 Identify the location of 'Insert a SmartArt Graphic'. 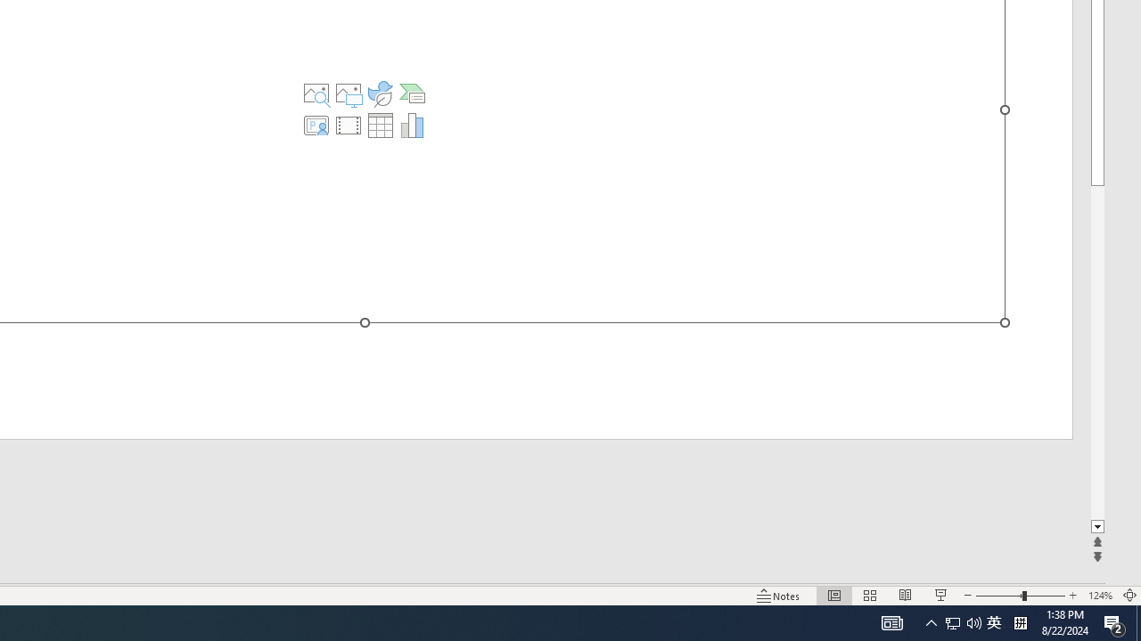
(411, 93).